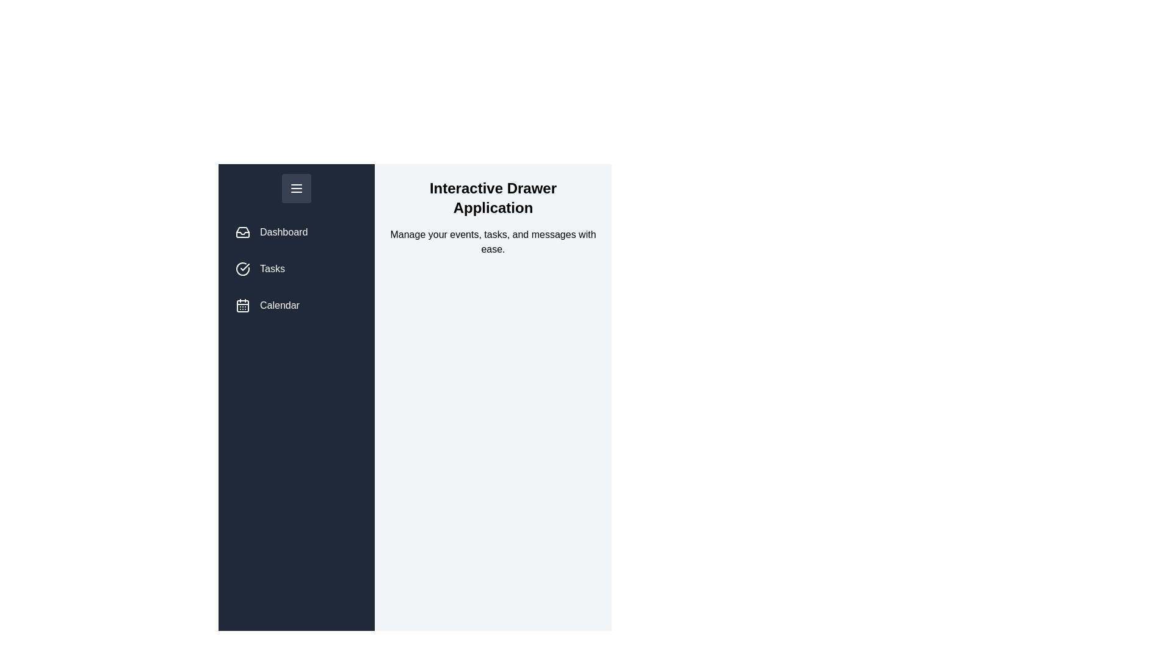  What do you see at coordinates (243, 232) in the screenshot?
I see `the stylized inbox icon located in the sidebar under the 'Dashboard' entry` at bounding box center [243, 232].